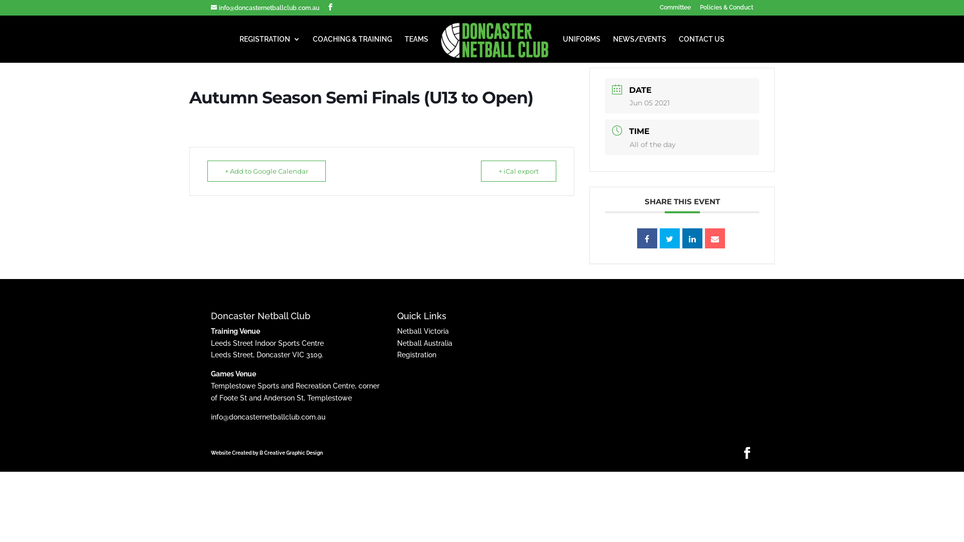  What do you see at coordinates (270, 49) in the screenshot?
I see `'REGISTRATION'` at bounding box center [270, 49].